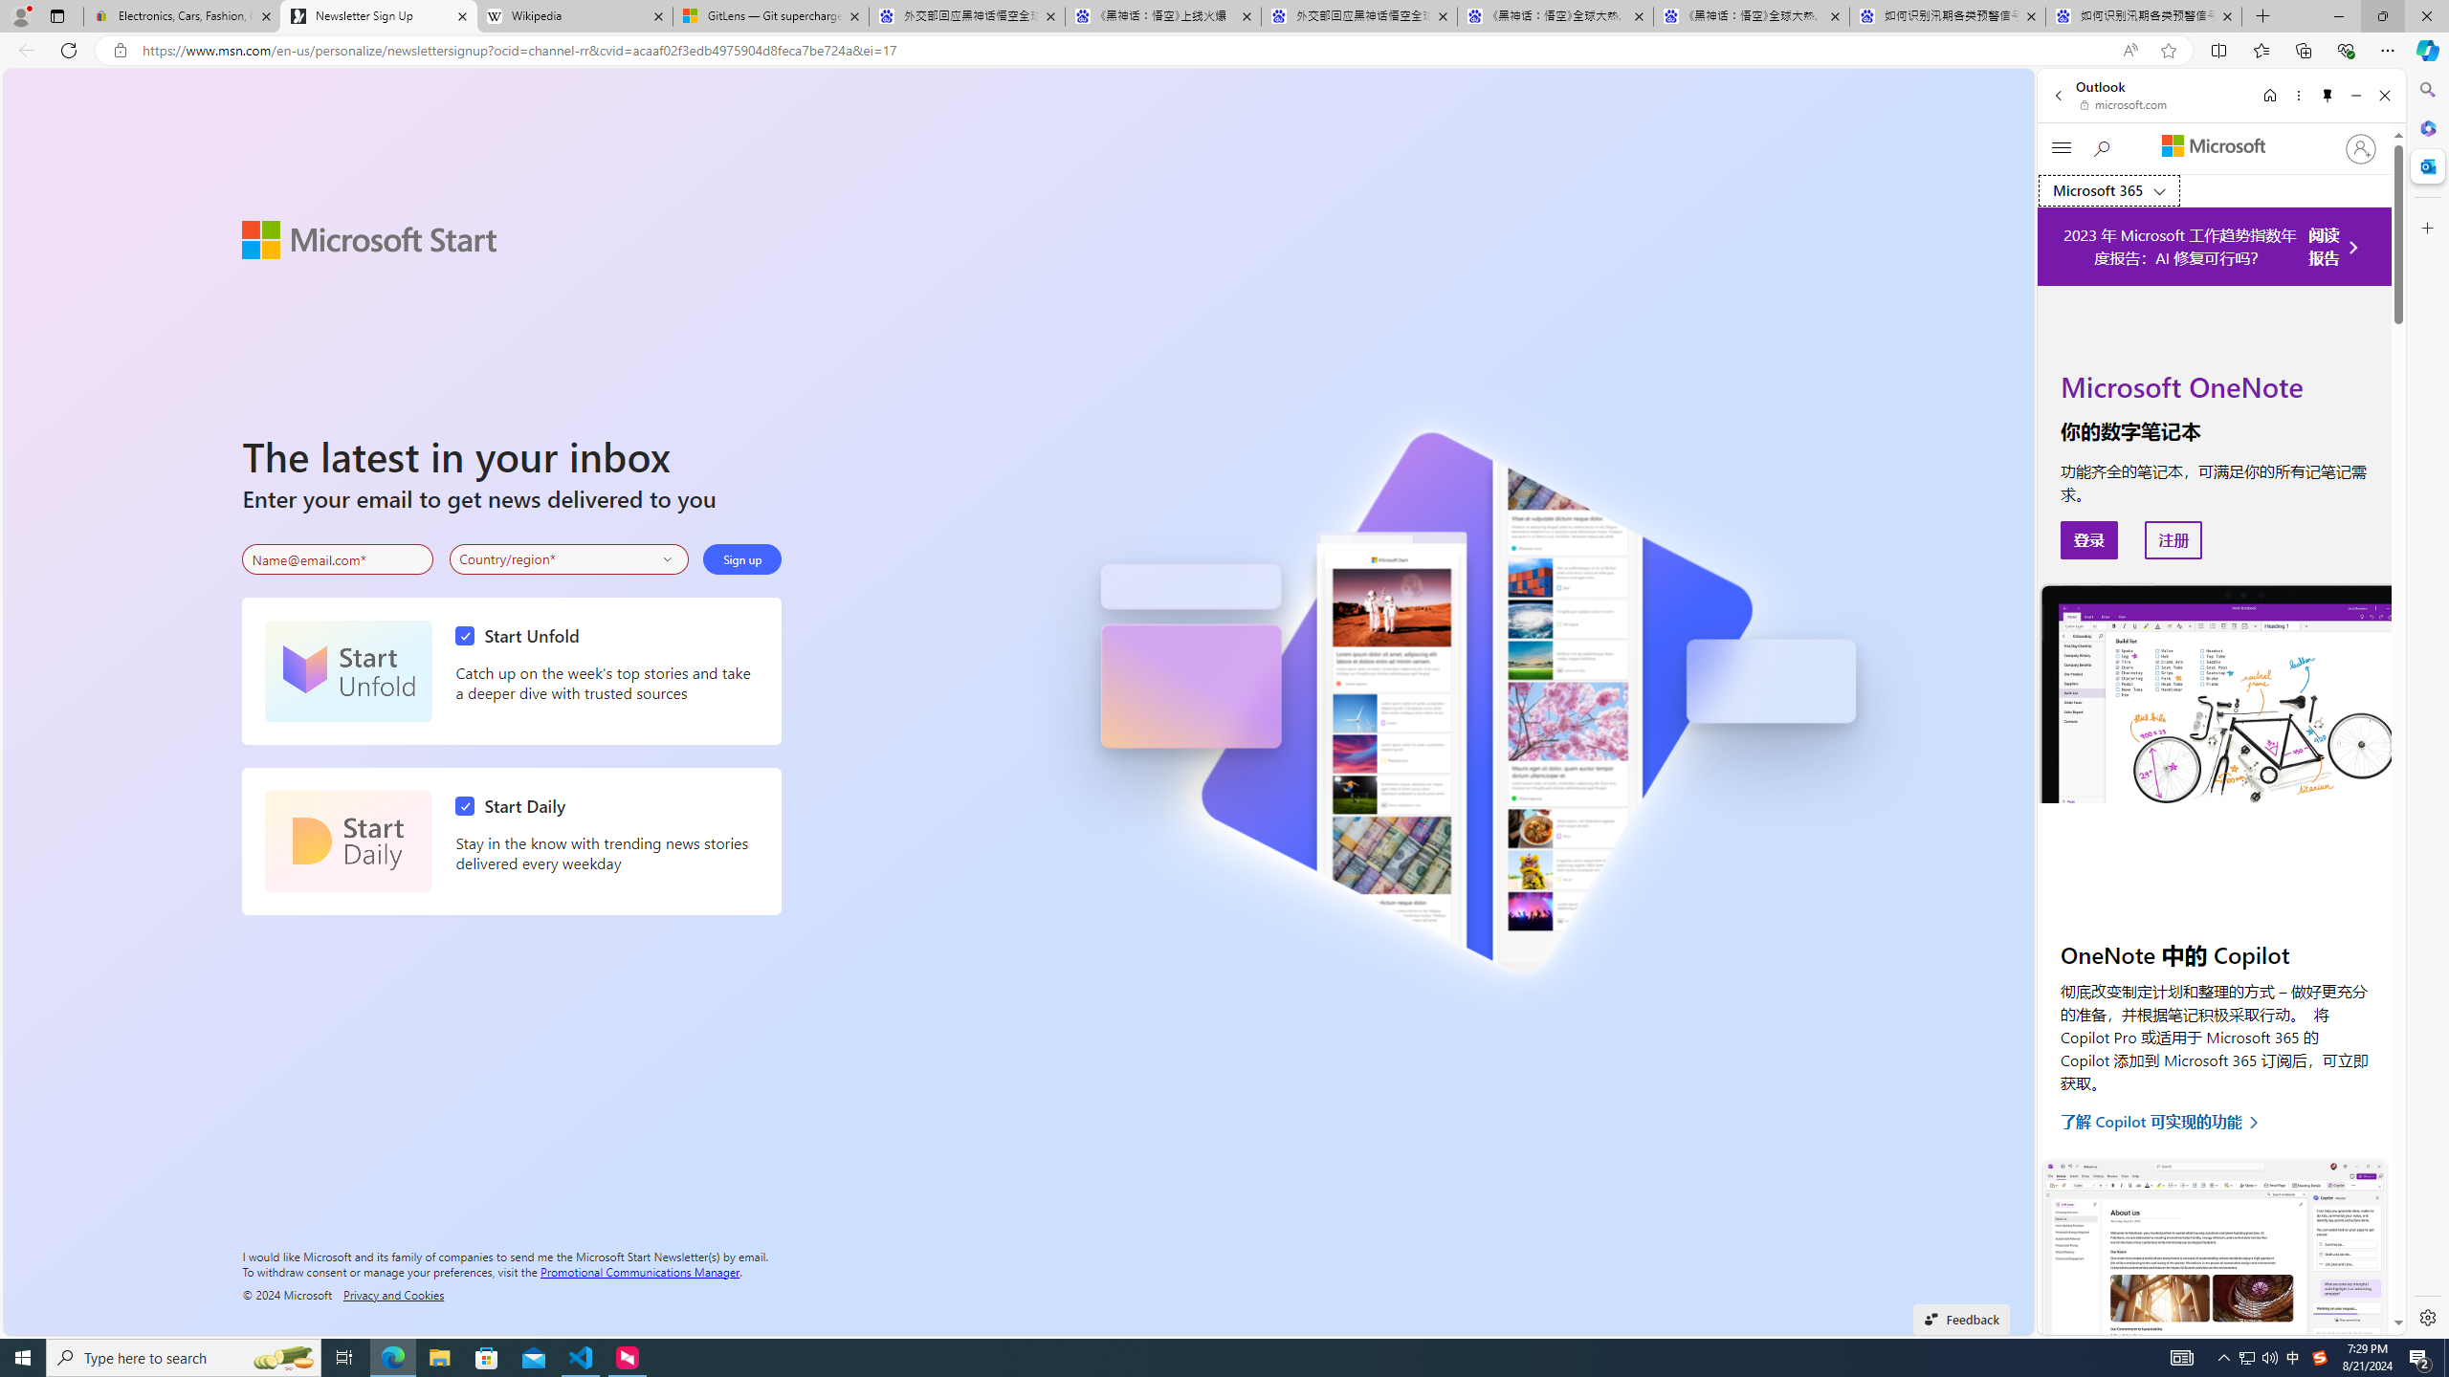 The image size is (2449, 1377). What do you see at coordinates (2425, 89) in the screenshot?
I see `'Search'` at bounding box center [2425, 89].